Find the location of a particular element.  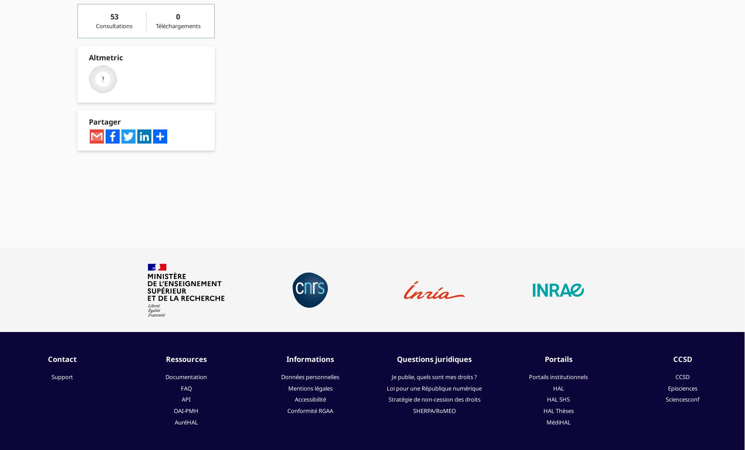

'AuréHAL' is located at coordinates (185, 422).